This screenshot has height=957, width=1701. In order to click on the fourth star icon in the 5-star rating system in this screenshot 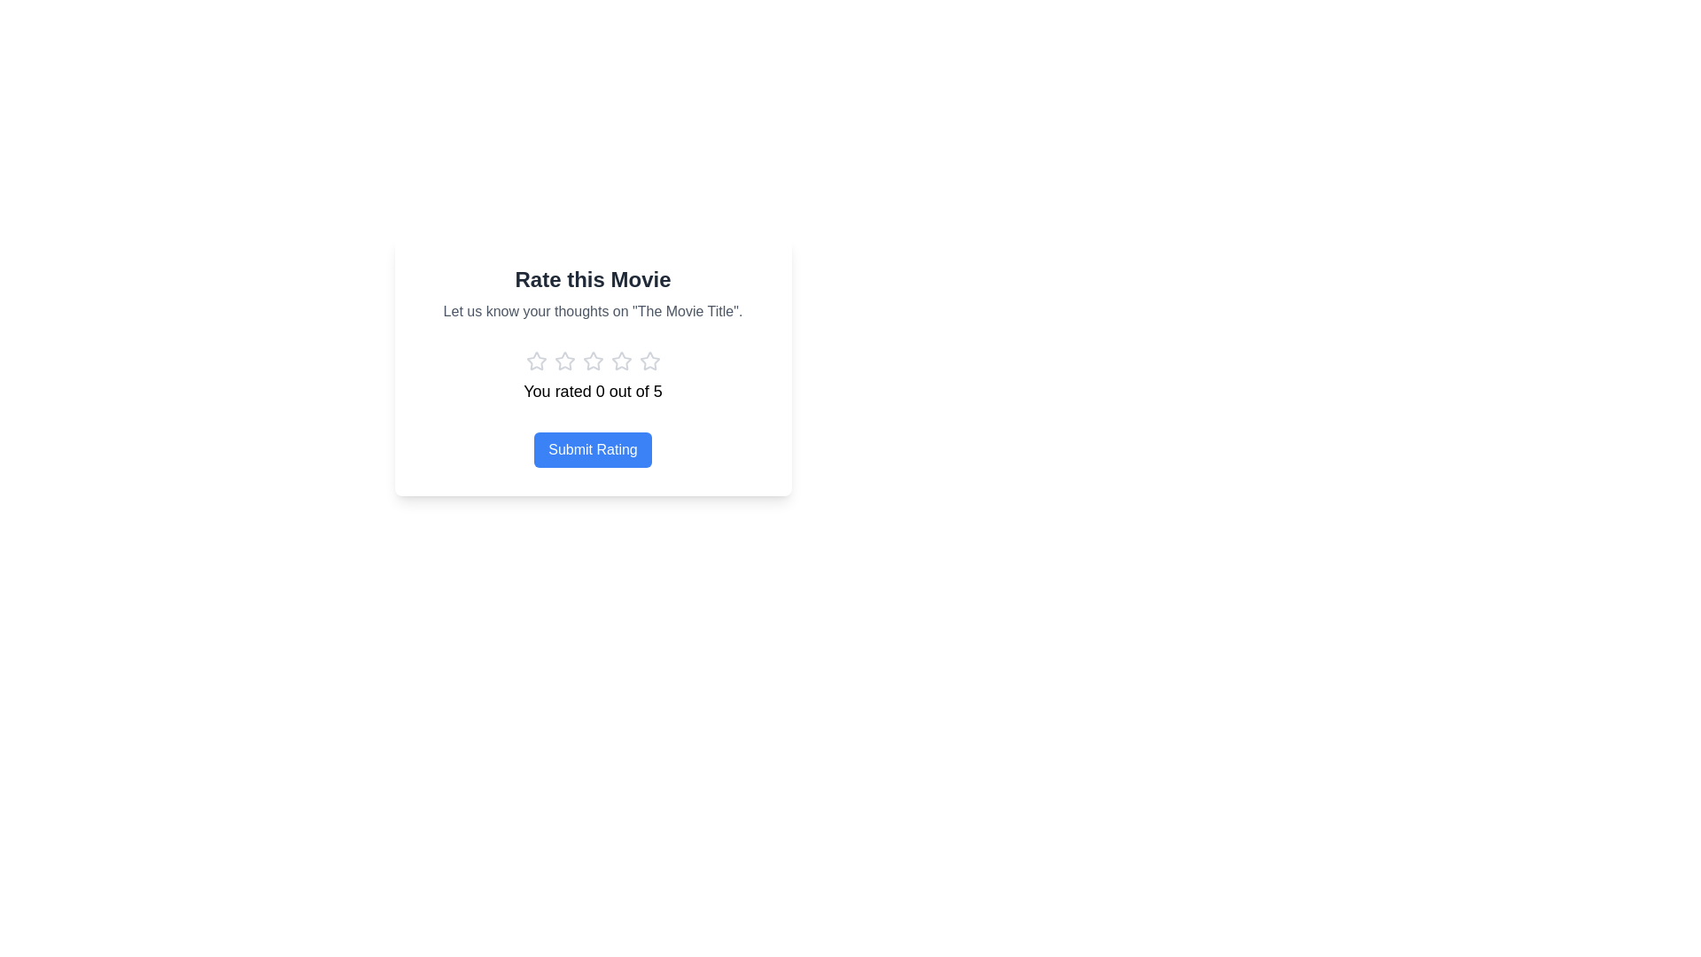, I will do `click(593, 361)`.